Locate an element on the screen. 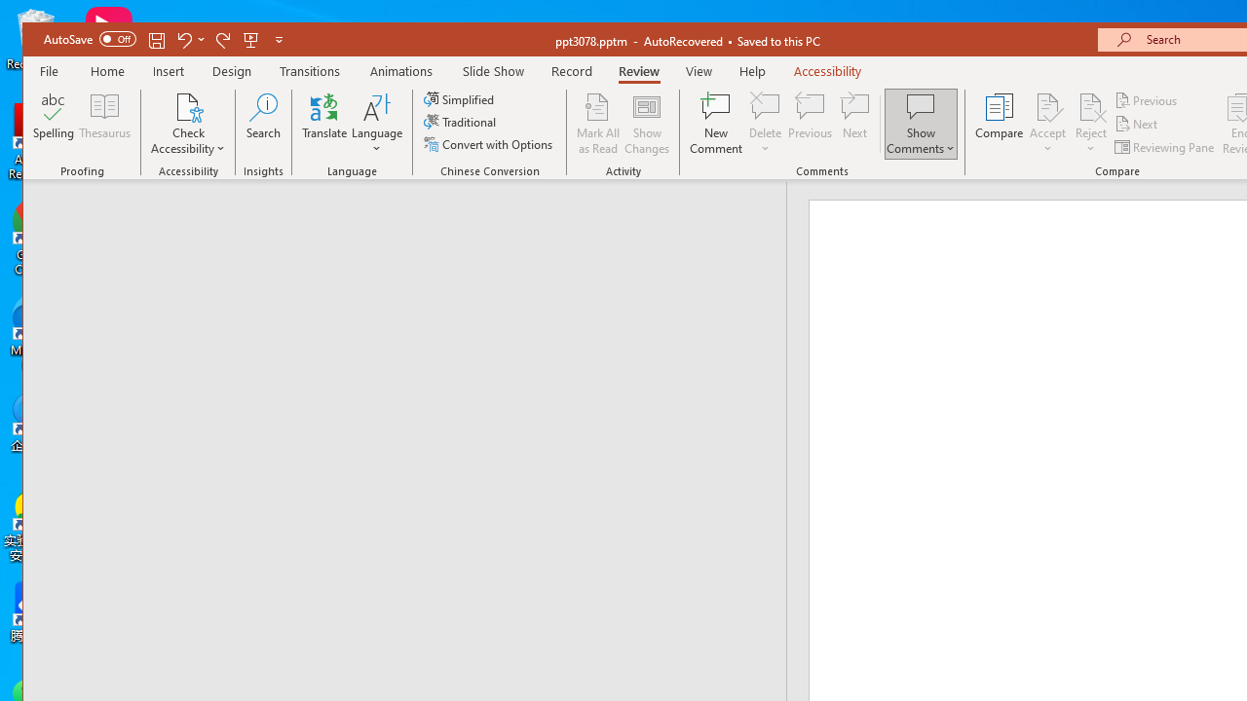 Image resolution: width=1247 pixels, height=701 pixels. 'Next' is located at coordinates (1138, 124).